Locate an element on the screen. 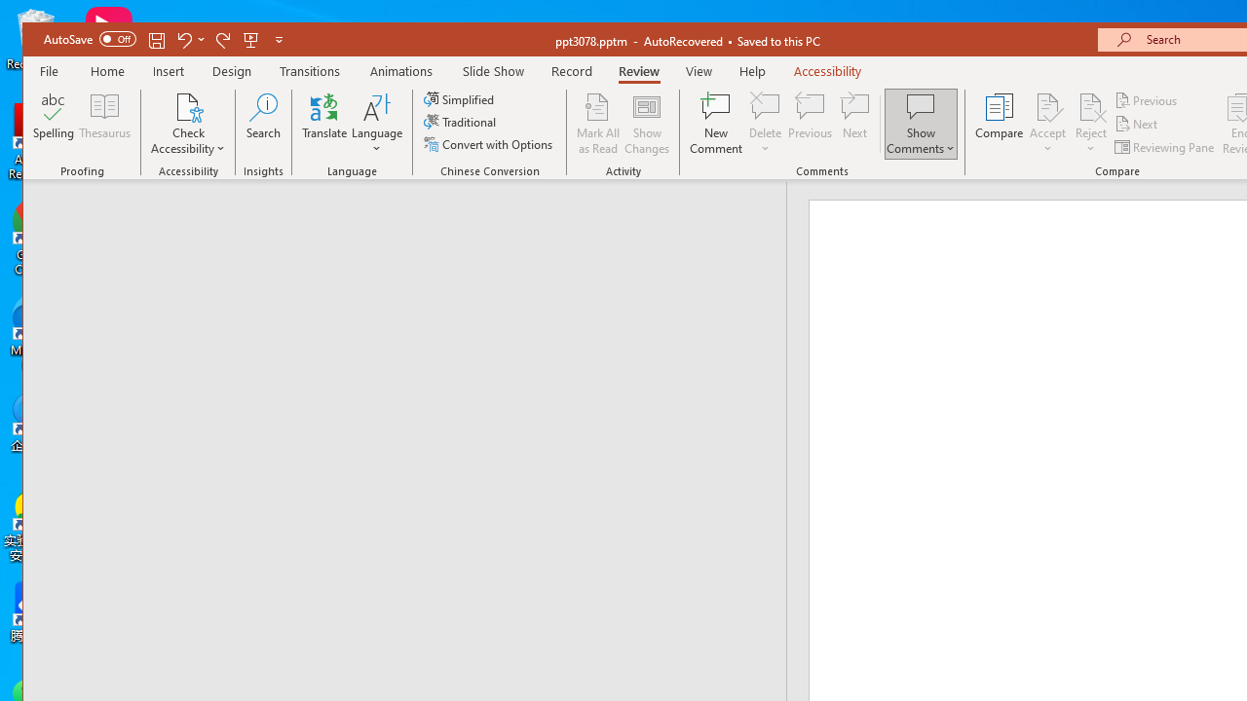 Image resolution: width=1247 pixels, height=701 pixels. 'Next' is located at coordinates (1138, 124).